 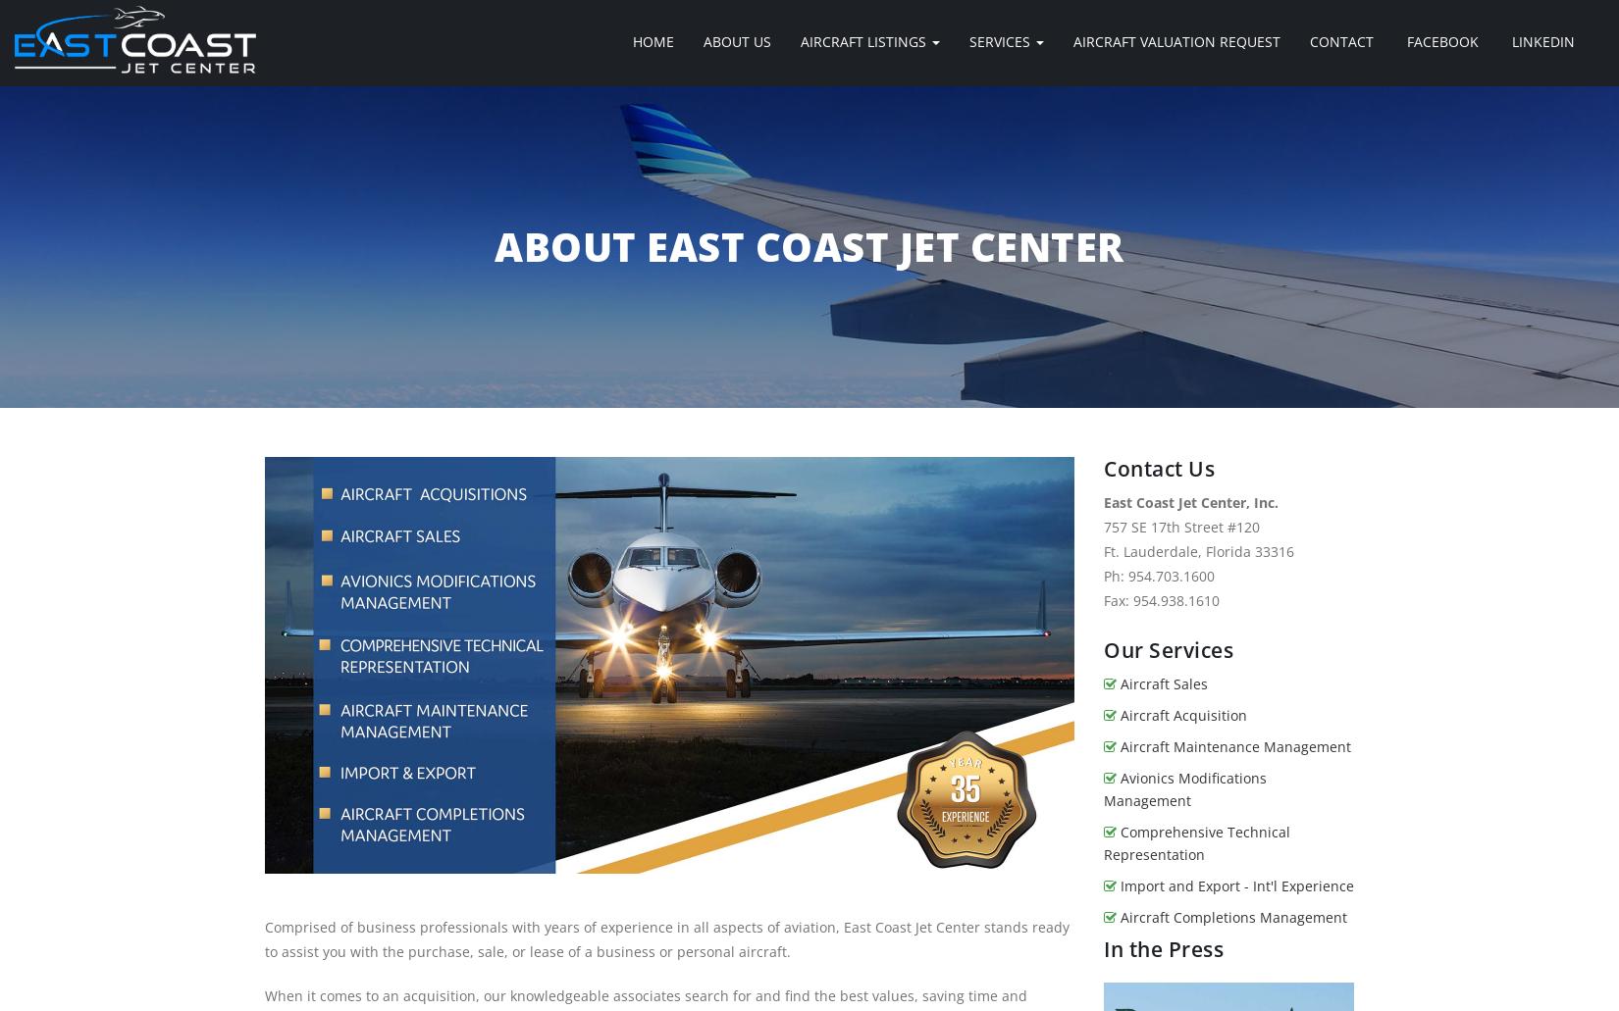 What do you see at coordinates (1002, 41) in the screenshot?
I see `'SERVICES'` at bounding box center [1002, 41].